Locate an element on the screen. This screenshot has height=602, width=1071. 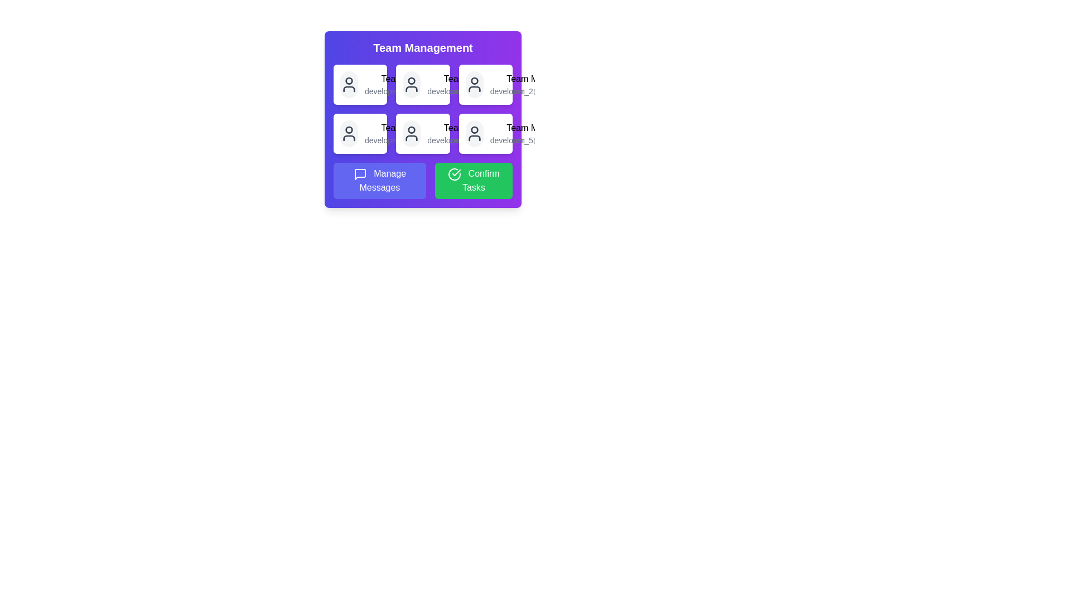
the informational card displaying team member details, located at the bottom-center of the grid layout is located at coordinates (422, 133).